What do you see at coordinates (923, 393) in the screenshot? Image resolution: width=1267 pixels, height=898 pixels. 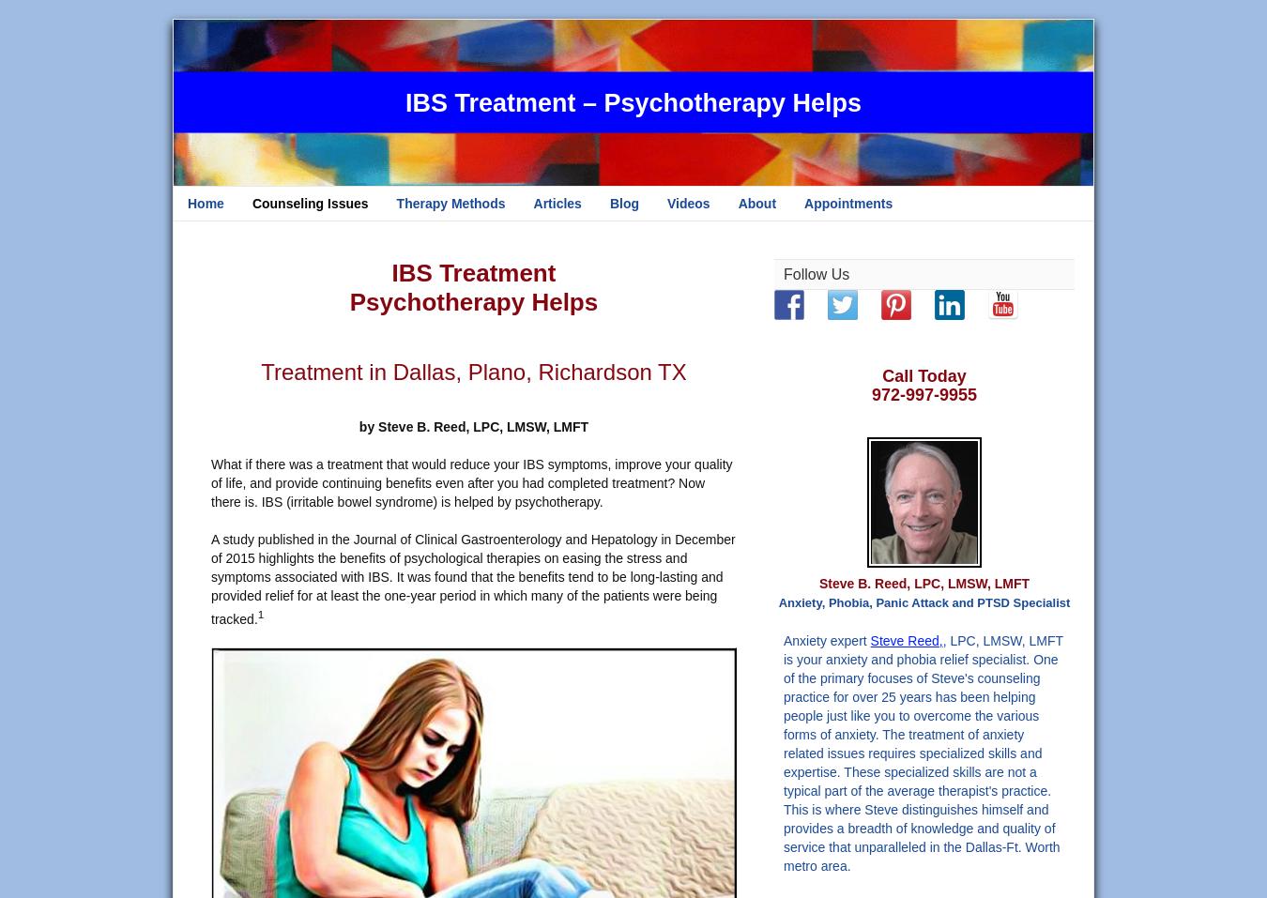 I see `'972-997-9955'` at bounding box center [923, 393].